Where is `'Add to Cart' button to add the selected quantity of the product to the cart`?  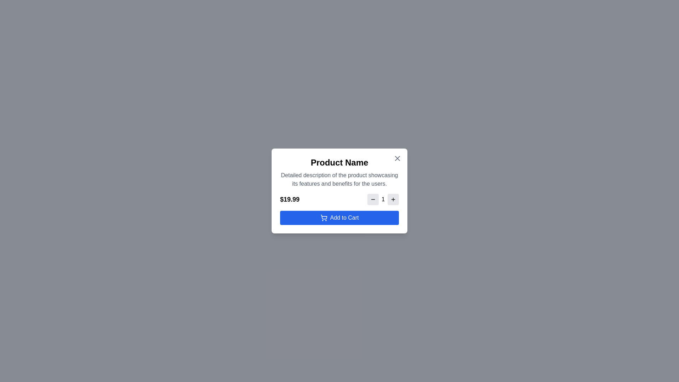 'Add to Cart' button to add the selected quantity of the product to the cart is located at coordinates (339, 218).